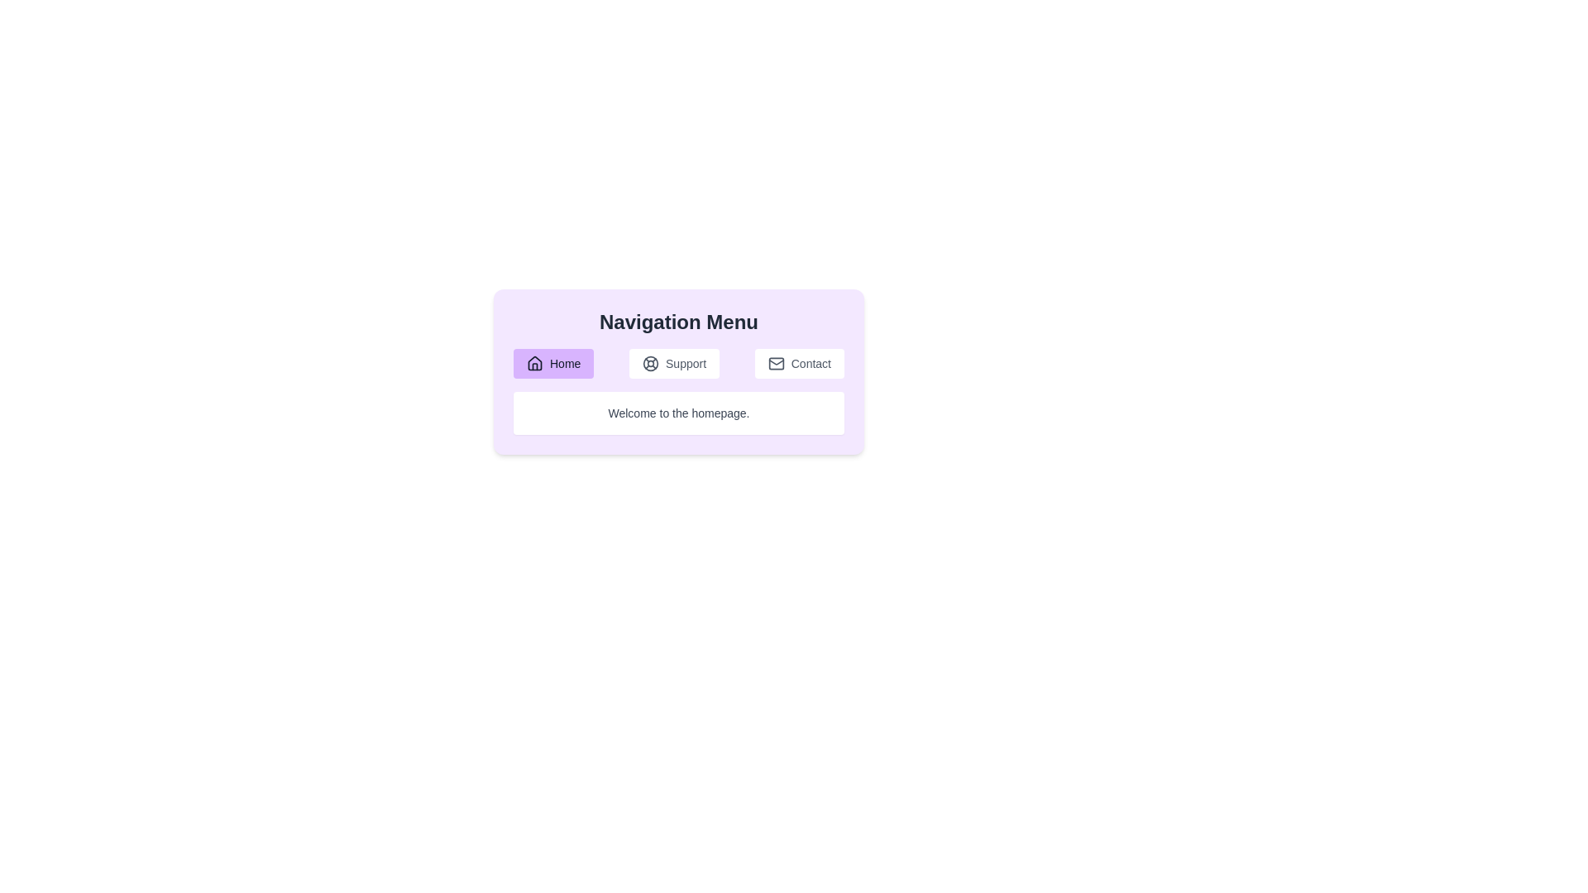 This screenshot has width=1588, height=893. What do you see at coordinates (535, 362) in the screenshot?
I see `the home icon located in the left section of the 'Home' button in the navigation menu, preceding the text label 'Home'` at bounding box center [535, 362].